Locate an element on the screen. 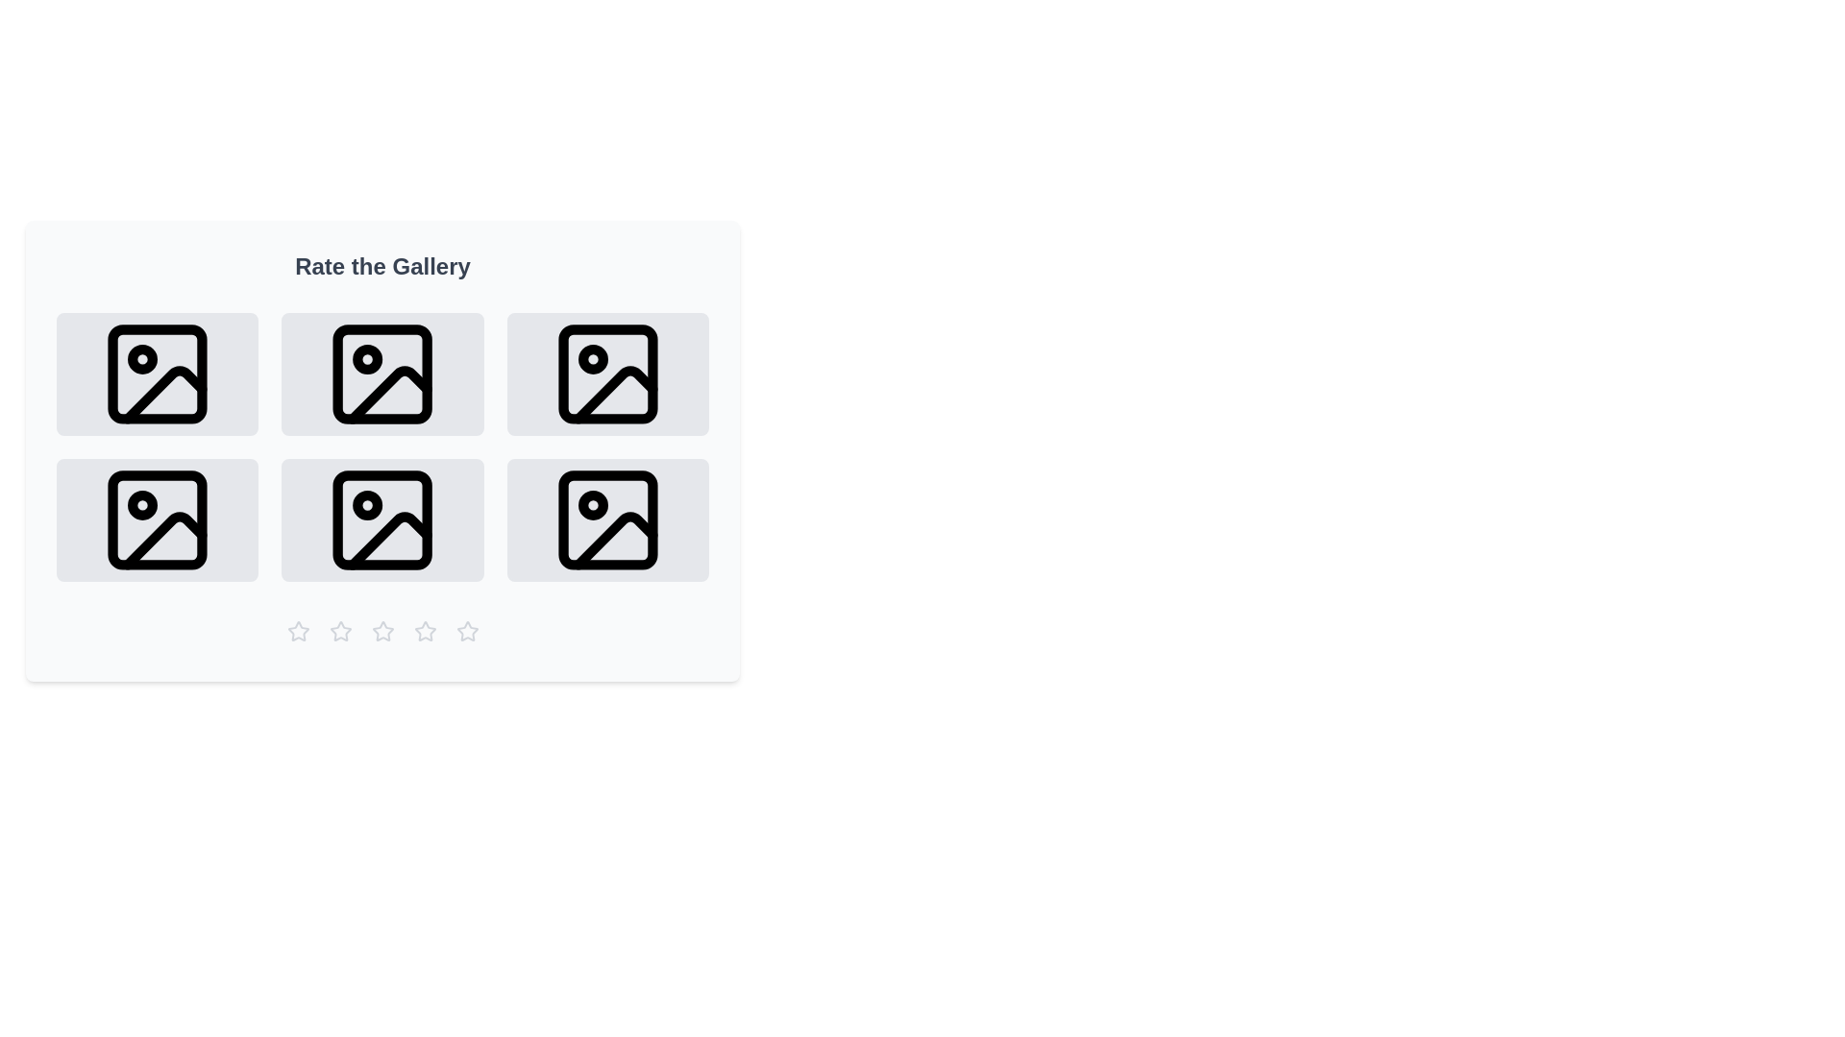  the gallery rating to 3 stars by clicking the corresponding star is located at coordinates (382, 632).